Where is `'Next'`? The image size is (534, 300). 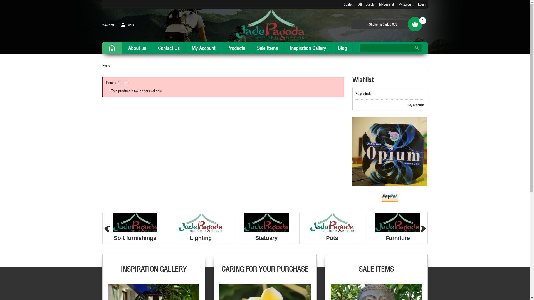 'Next' is located at coordinates (423, 229).